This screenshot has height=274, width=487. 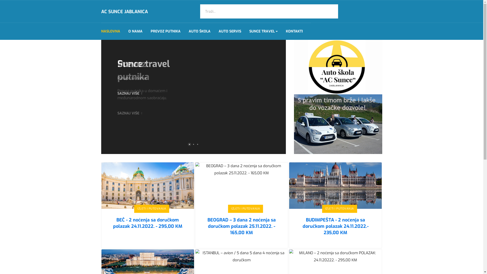 What do you see at coordinates (124, 11) in the screenshot?
I see `'AC SUNCE JABLANICA'` at bounding box center [124, 11].